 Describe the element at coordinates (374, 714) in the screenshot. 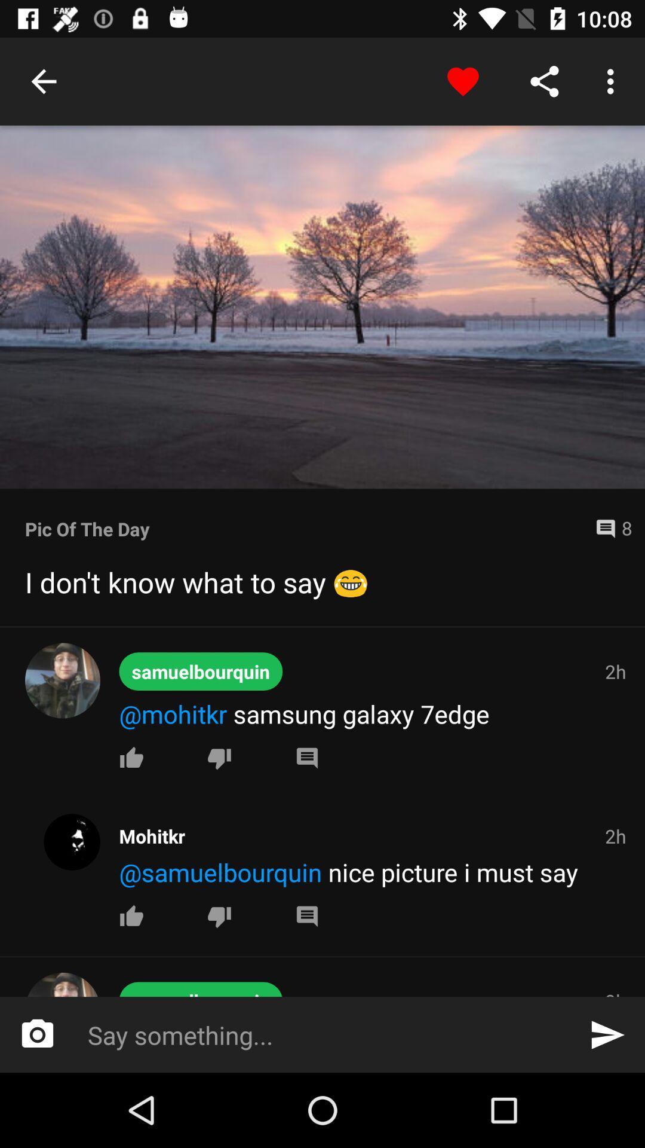

I see `move to the text above first like button from the top of the page` at that location.